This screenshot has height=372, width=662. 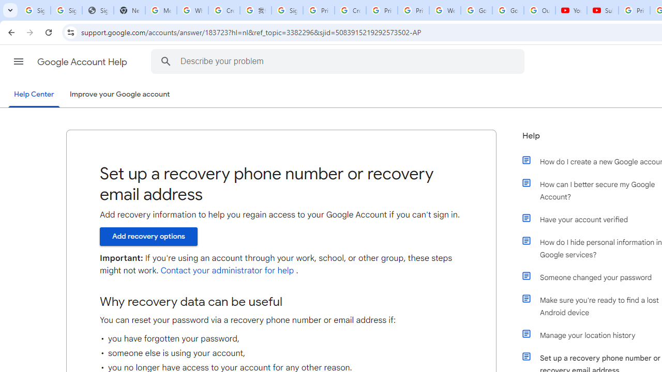 I want to click on 'Search the Help Center', so click(x=165, y=61).